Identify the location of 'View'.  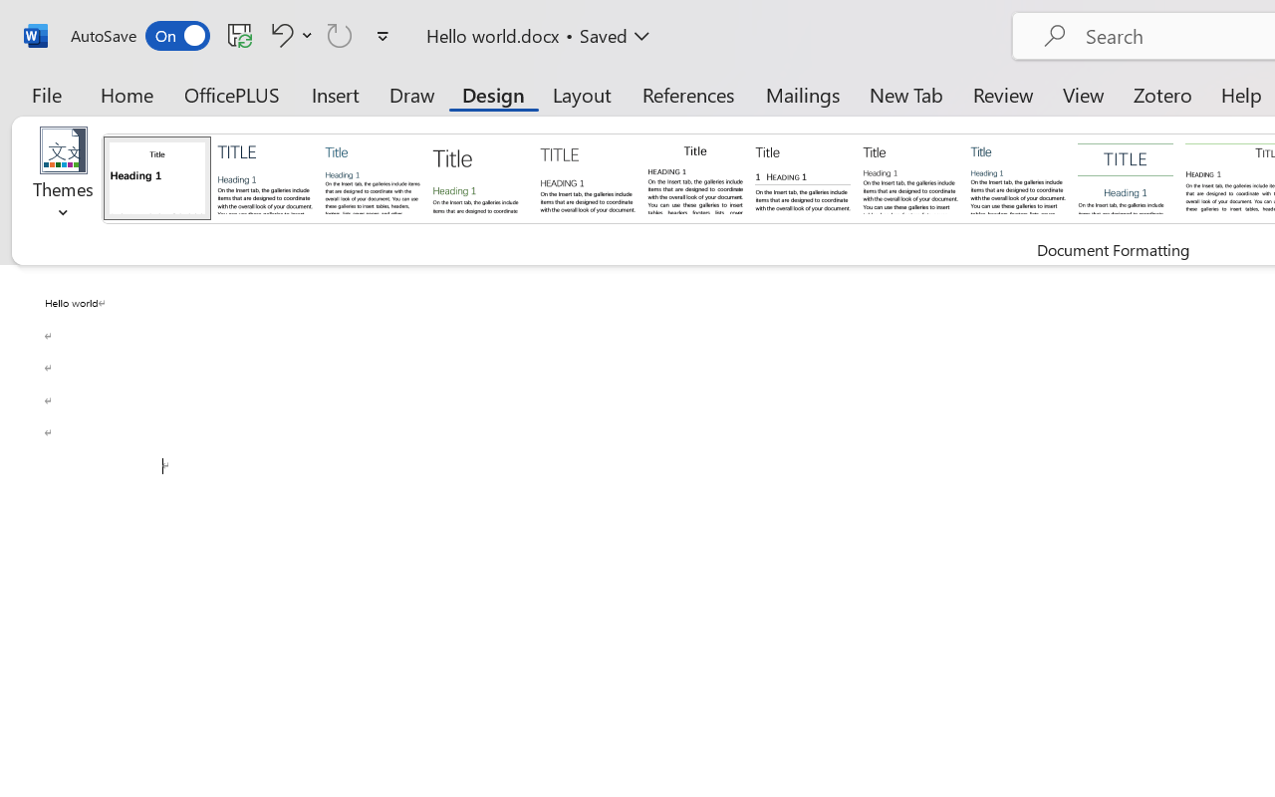
(1083, 94).